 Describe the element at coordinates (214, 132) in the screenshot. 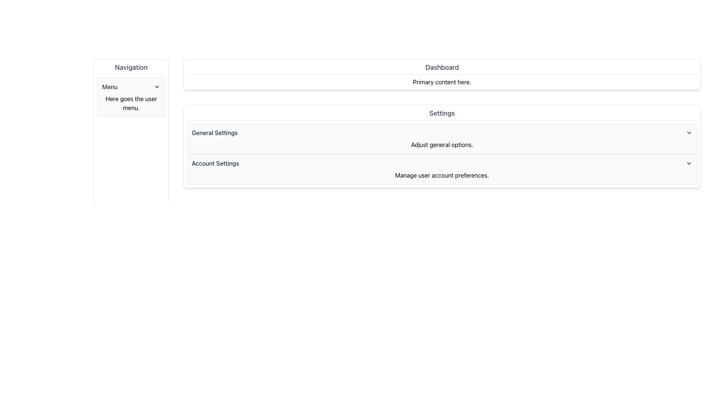

I see `the Text Label indicating the content or functionality related to general settings, located near the top of the 'Settings' section, aligned left with a chevron icon on the right` at that location.